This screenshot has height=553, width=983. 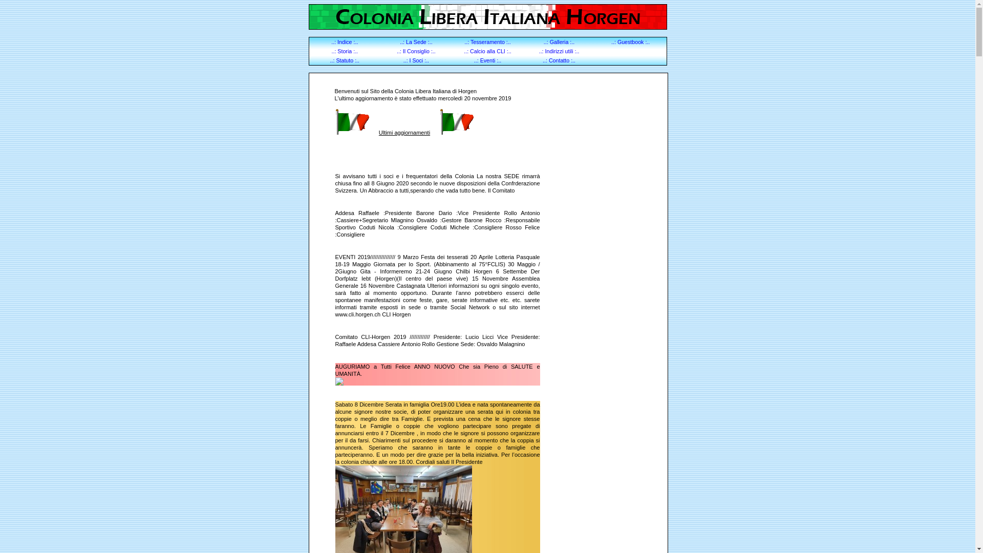 I want to click on '..: Eventi :..', so click(x=487, y=60).